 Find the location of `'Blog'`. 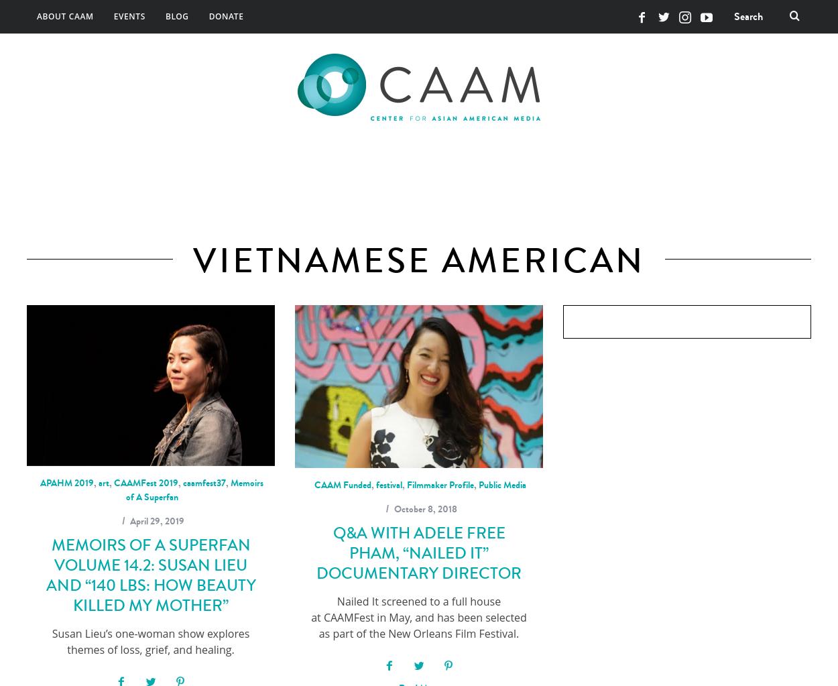

'Blog' is located at coordinates (176, 16).